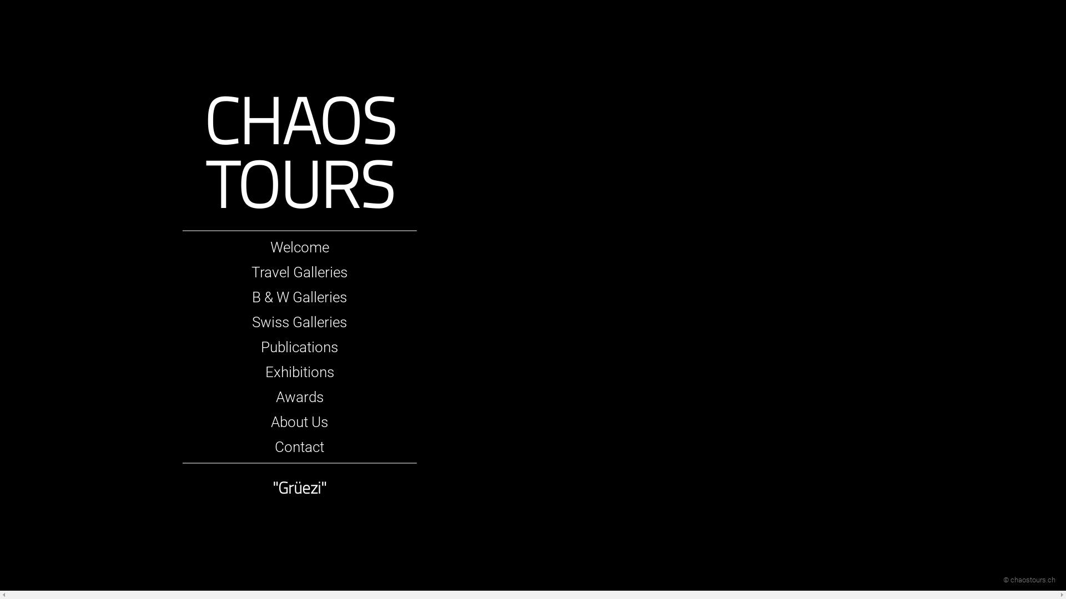 The image size is (1066, 599). What do you see at coordinates (252, 297) in the screenshot?
I see `'B & W Galleries'` at bounding box center [252, 297].